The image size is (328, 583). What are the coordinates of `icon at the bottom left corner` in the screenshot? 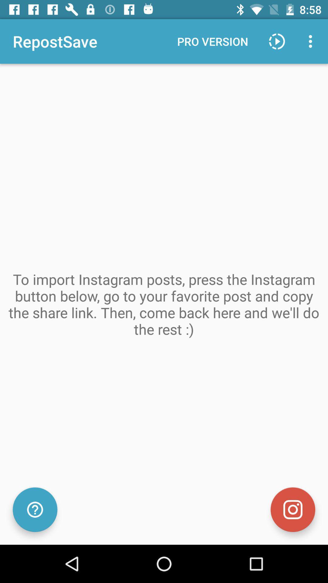 It's located at (35, 510).